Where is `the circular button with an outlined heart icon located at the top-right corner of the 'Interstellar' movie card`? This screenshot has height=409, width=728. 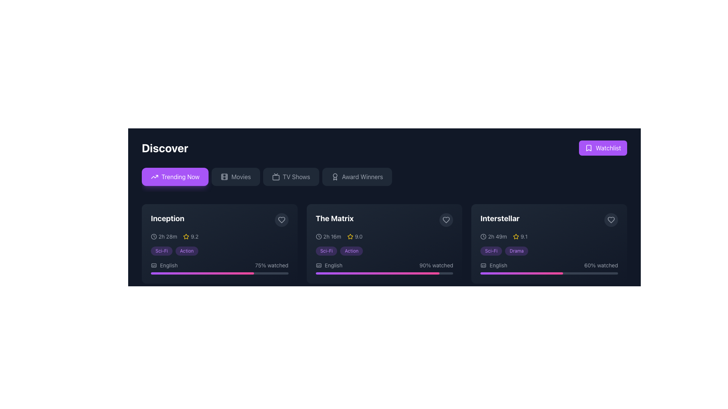
the circular button with an outlined heart icon located at the top-right corner of the 'Interstellar' movie card is located at coordinates (611, 220).